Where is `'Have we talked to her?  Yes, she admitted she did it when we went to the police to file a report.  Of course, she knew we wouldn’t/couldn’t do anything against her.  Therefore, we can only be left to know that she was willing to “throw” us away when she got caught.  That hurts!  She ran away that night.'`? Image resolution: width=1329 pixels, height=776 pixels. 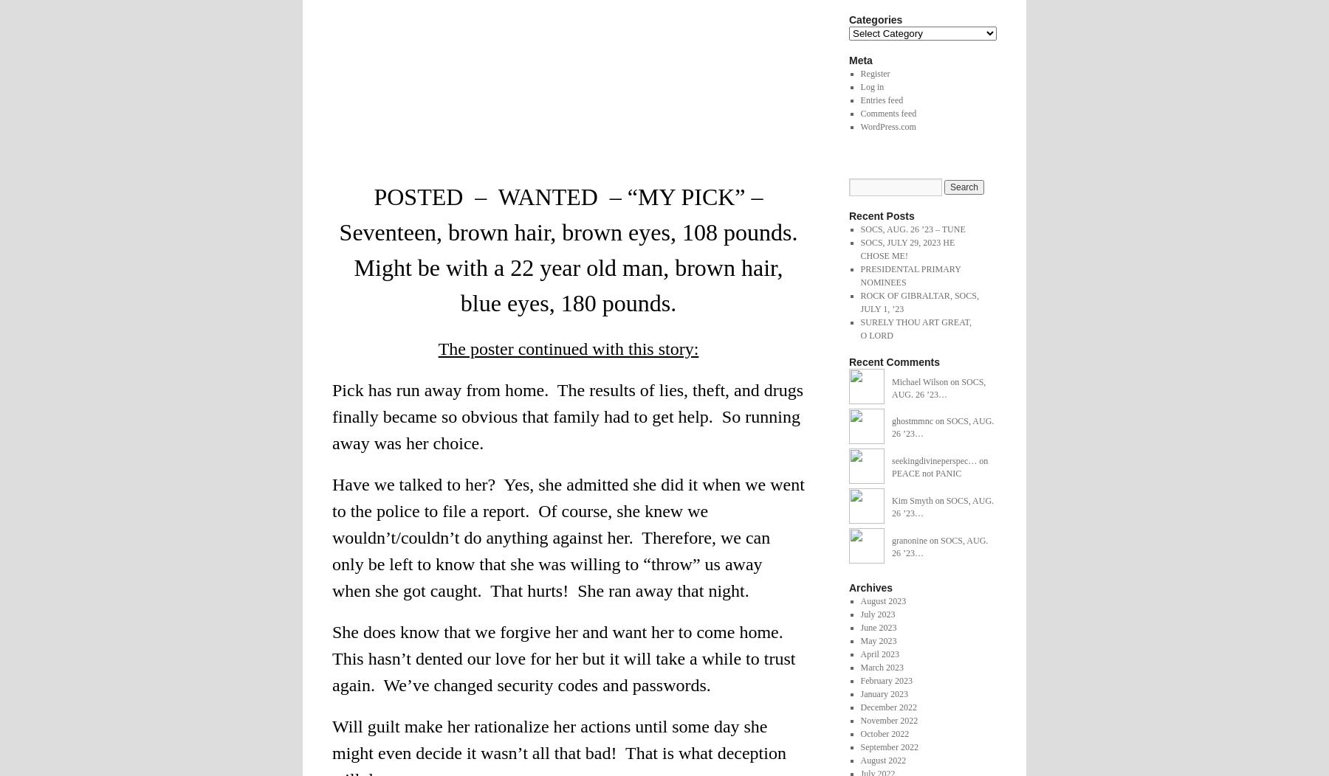 'Have we talked to her?  Yes, she admitted she did it when we went to the police to file a report.  Of course, she knew we wouldn’t/couldn’t do anything against her.  Therefore, we can only be left to know that she was willing to “throw” us away when she got caught.  That hurts!  She ran away that night.' is located at coordinates (567, 538).